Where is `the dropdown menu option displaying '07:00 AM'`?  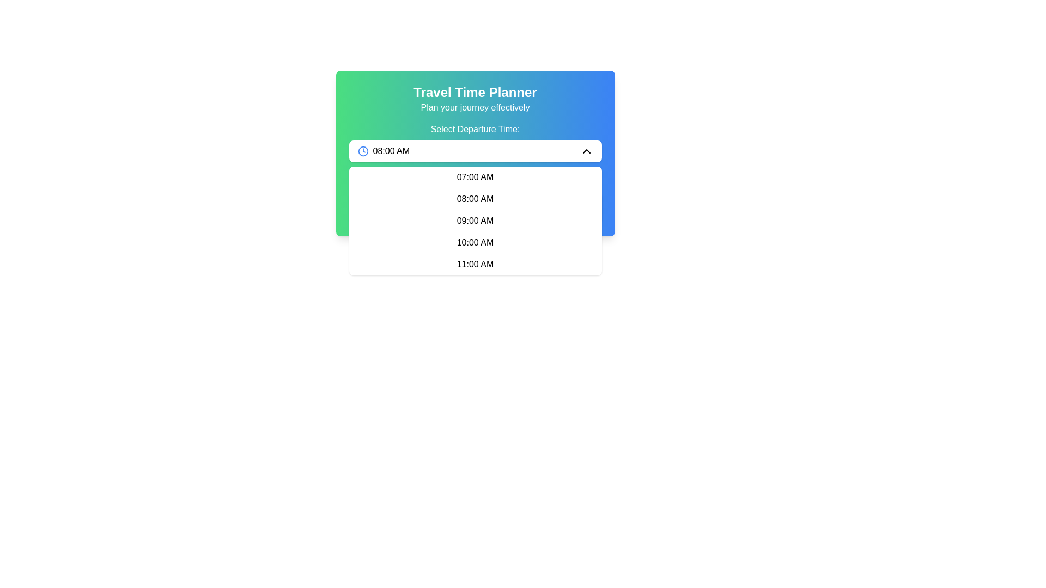
the dropdown menu option displaying '07:00 AM' is located at coordinates (475, 172).